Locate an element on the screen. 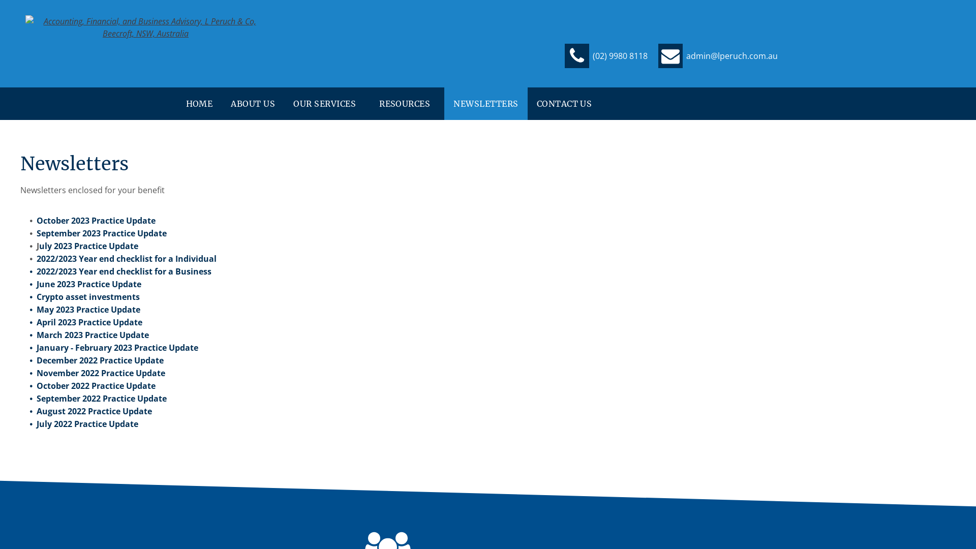 The height and width of the screenshot is (549, 976). 'March 2023 Practice Update' is located at coordinates (93, 335).